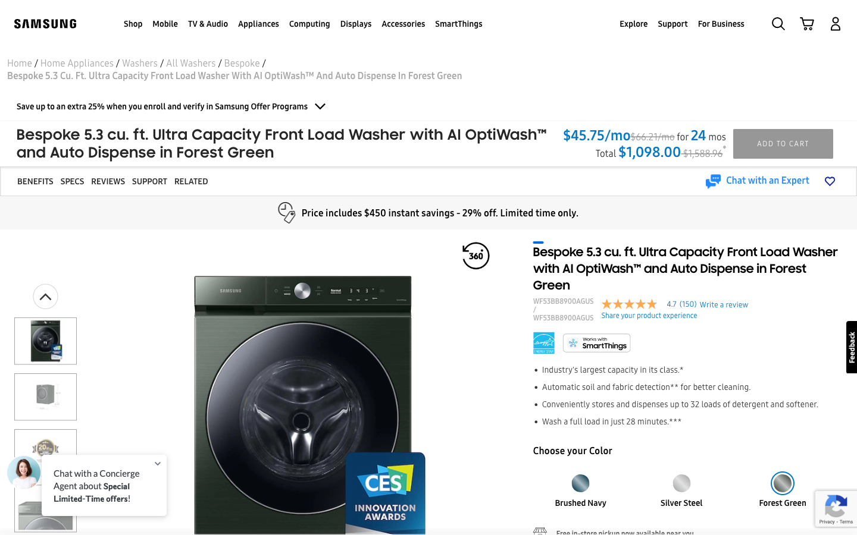  I want to click on Go back two pages to view all washers, so click(140, 62).